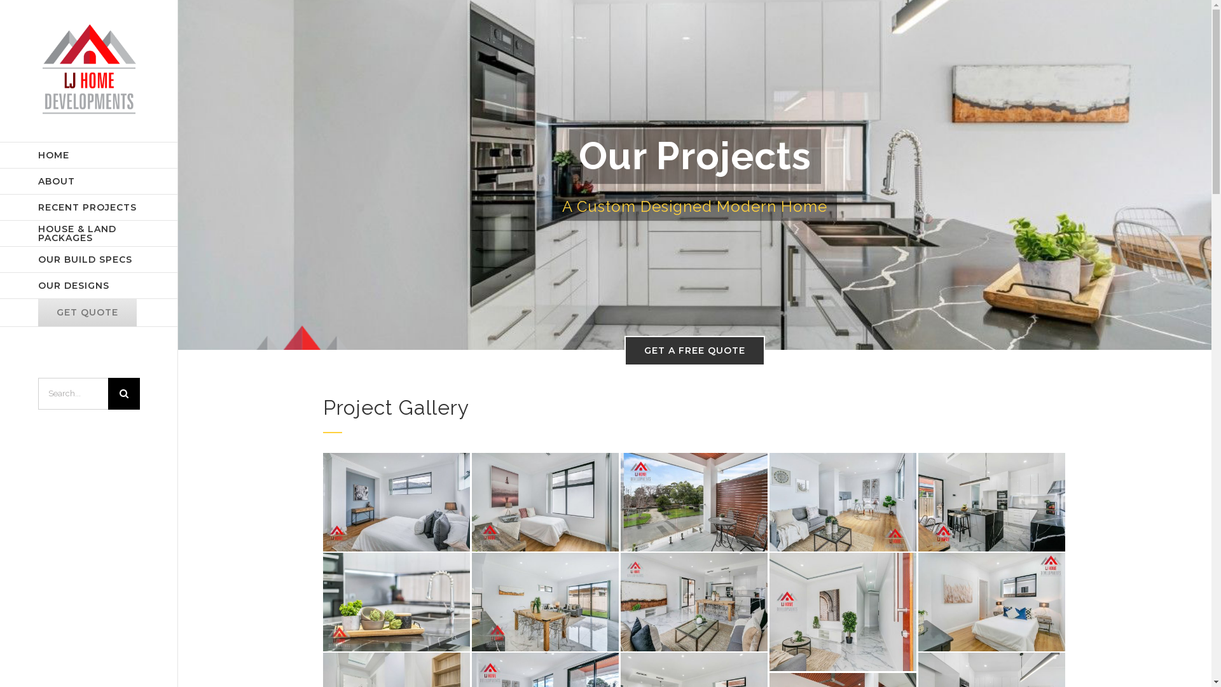 The image size is (1221, 687). I want to click on '18', so click(396, 501).